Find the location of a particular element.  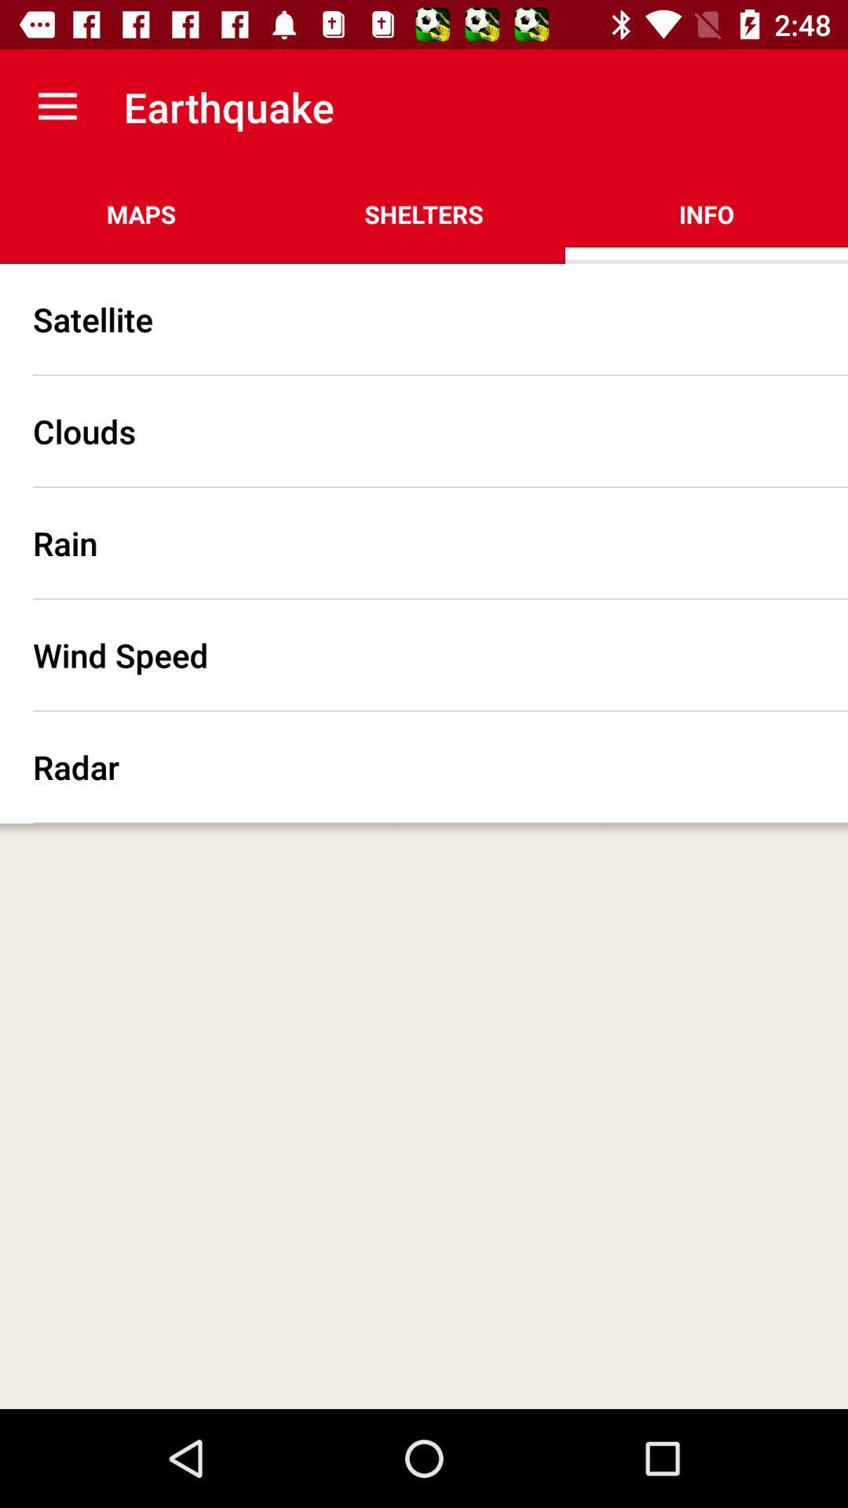

the item next to earthquake is located at coordinates (57, 106).